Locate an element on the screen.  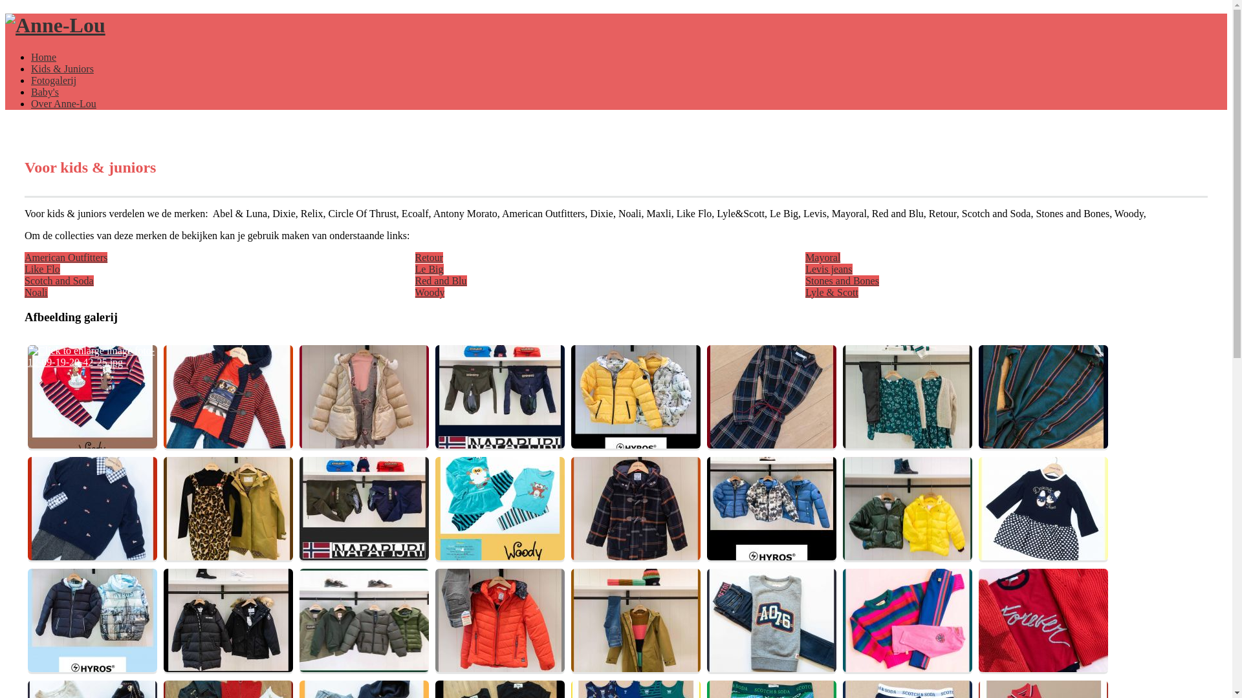
'Stones and Bones' is located at coordinates (842, 280).